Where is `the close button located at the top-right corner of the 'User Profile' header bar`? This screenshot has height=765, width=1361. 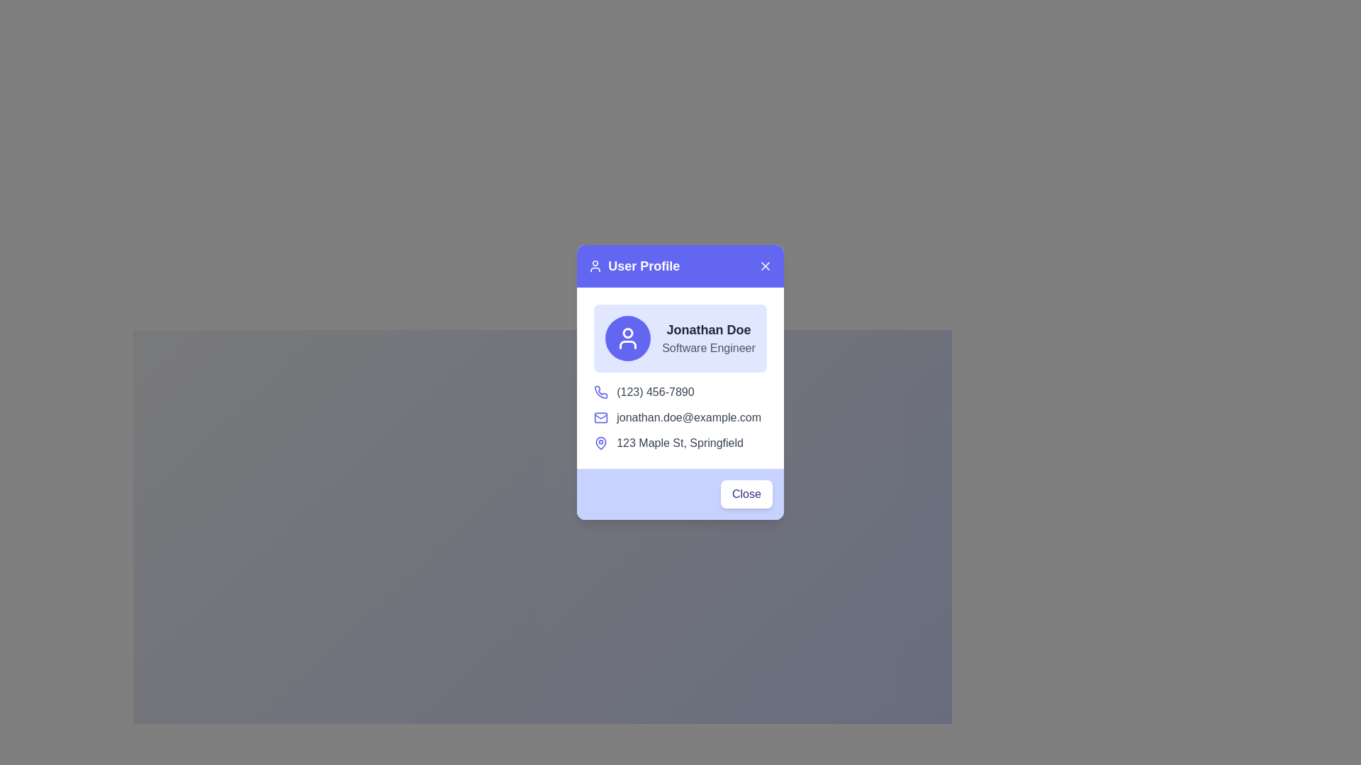
the close button located at the top-right corner of the 'User Profile' header bar is located at coordinates (764, 266).